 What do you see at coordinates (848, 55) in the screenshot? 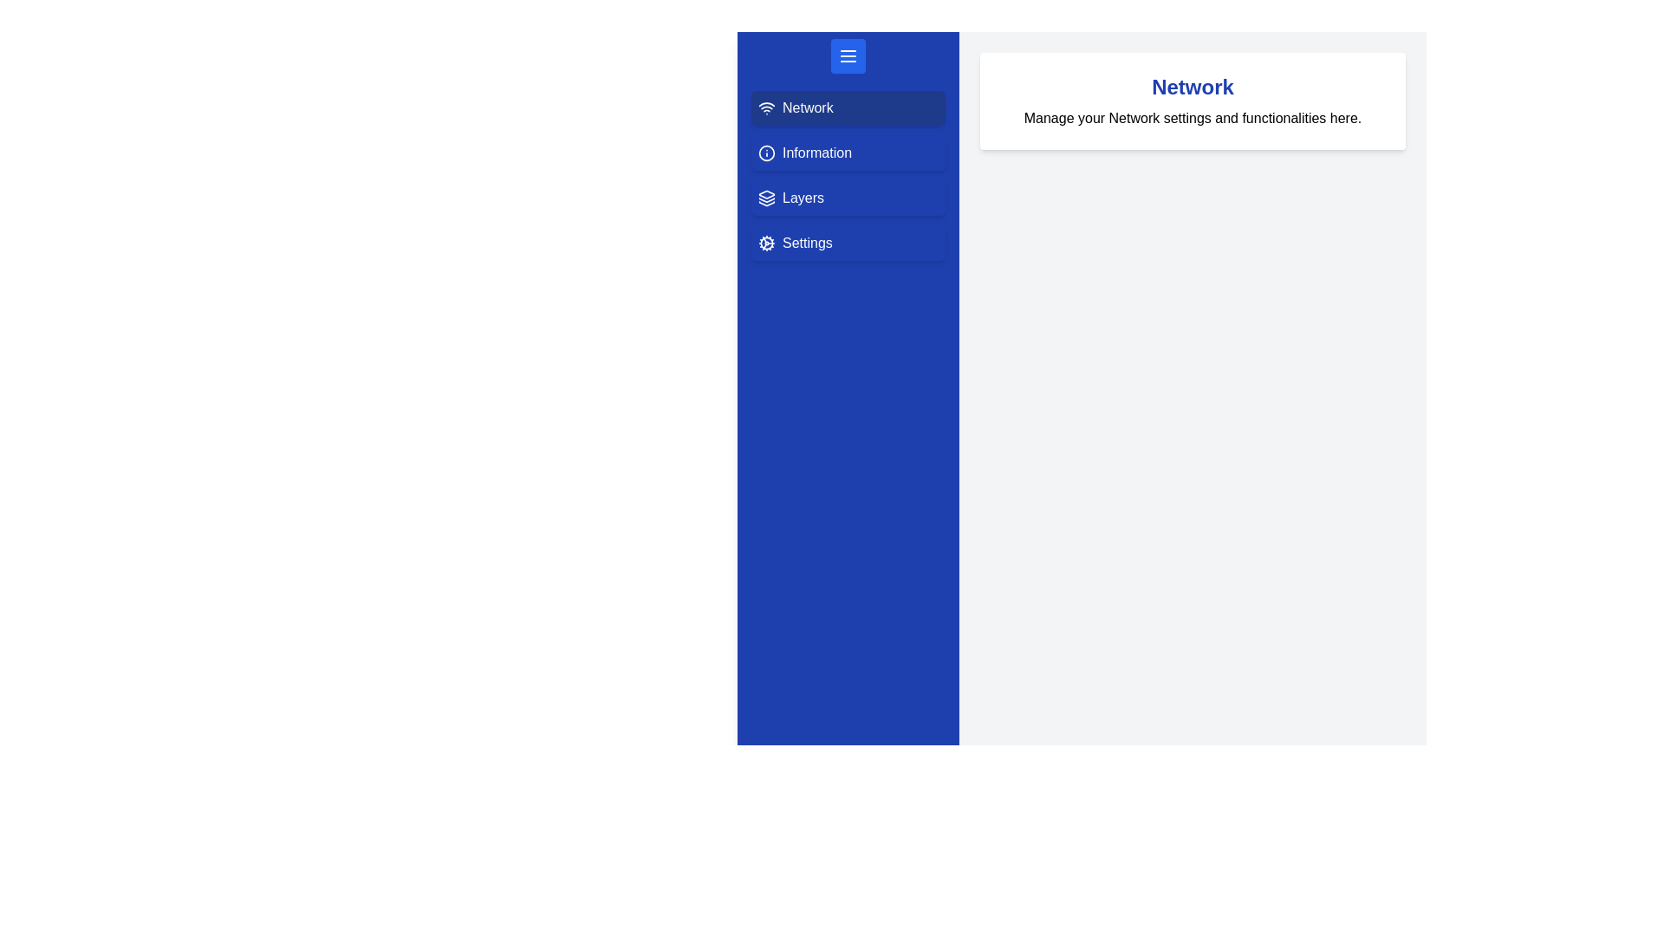
I see `the menu button to toggle the drawer` at bounding box center [848, 55].